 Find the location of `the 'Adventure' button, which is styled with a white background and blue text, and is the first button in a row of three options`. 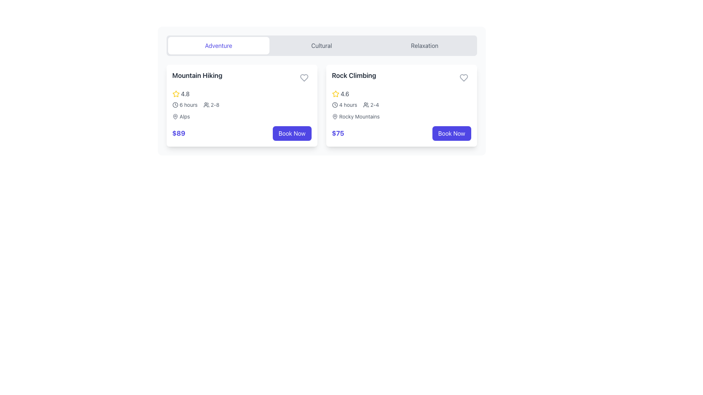

the 'Adventure' button, which is styled with a white background and blue text, and is the first button in a row of three options is located at coordinates (218, 45).